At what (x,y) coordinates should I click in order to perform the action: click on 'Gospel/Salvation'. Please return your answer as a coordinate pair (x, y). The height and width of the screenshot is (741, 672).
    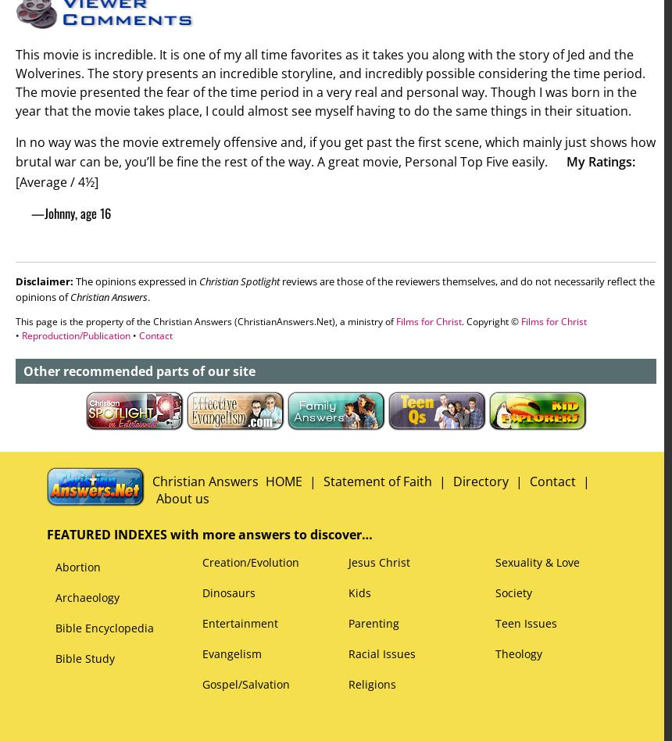
    Looking at the image, I should click on (202, 682).